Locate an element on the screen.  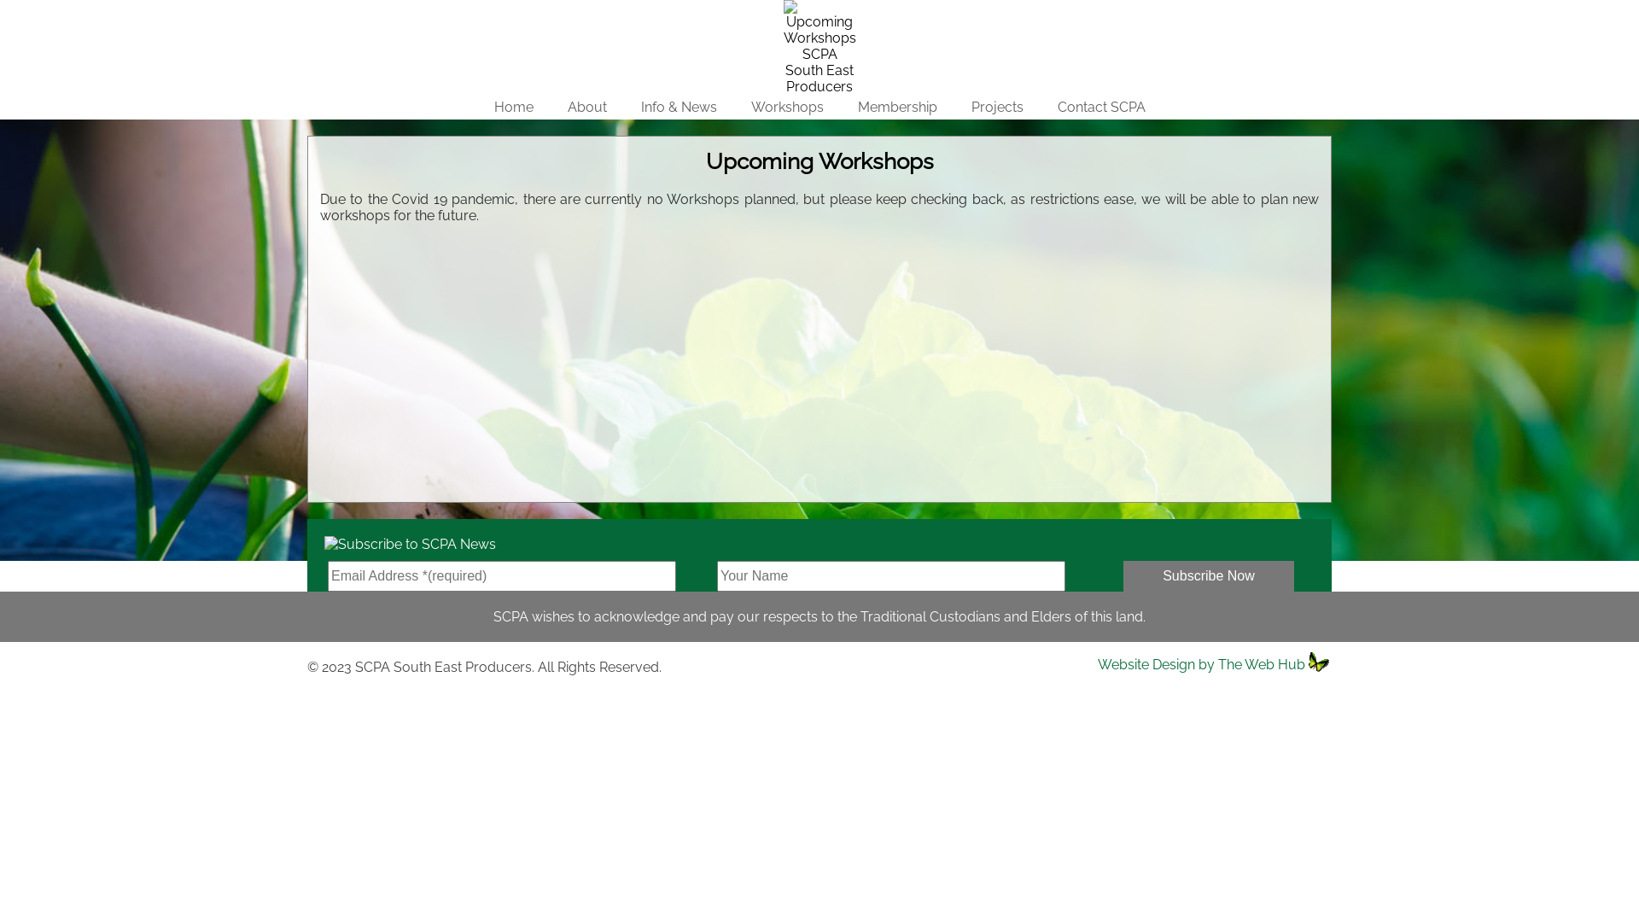
'Membership' is located at coordinates (895, 107).